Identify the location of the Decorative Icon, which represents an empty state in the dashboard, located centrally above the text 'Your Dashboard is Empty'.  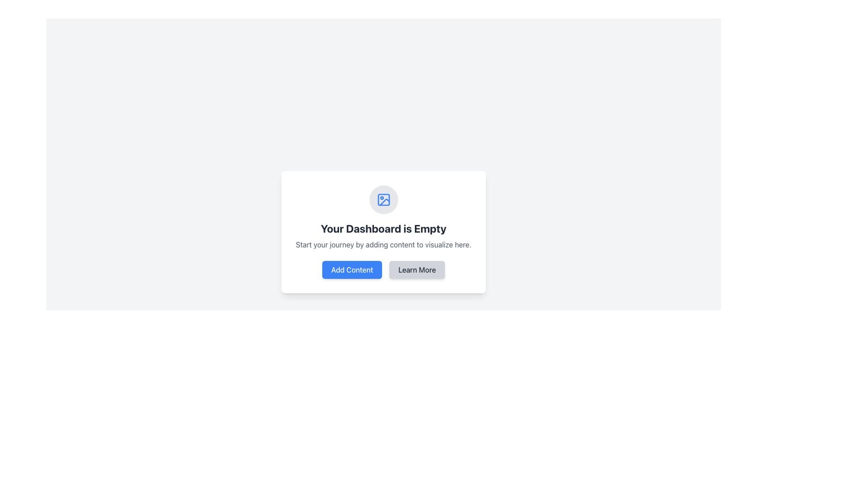
(383, 199).